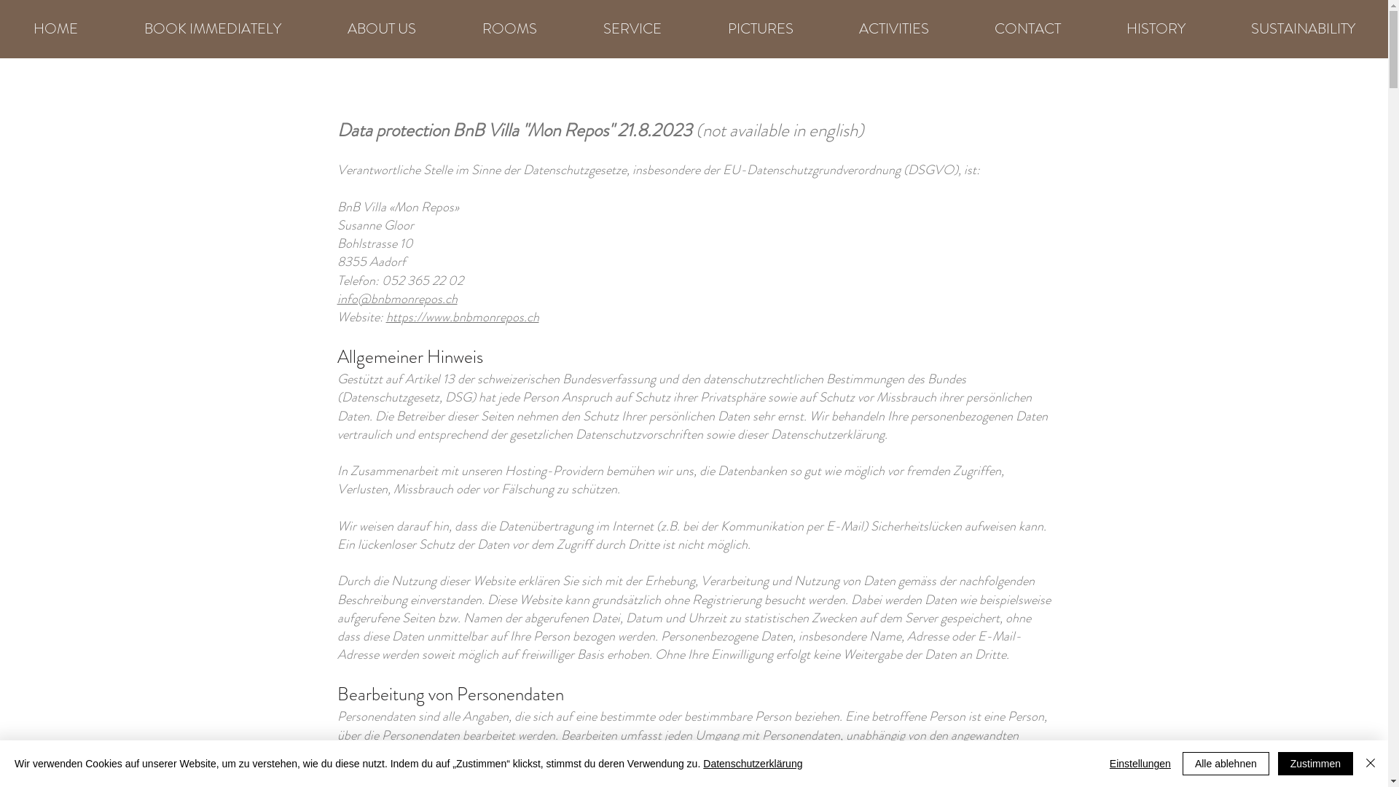  I want to click on 'Alle ablehnen', so click(1225, 763).